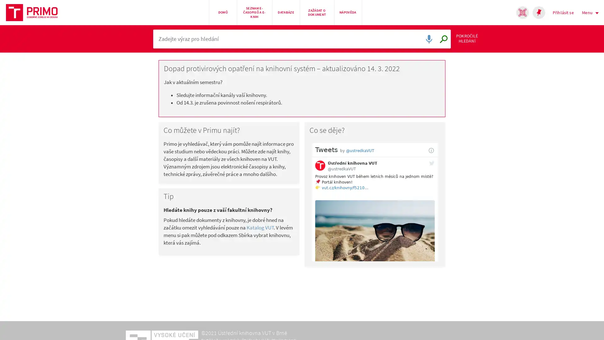  What do you see at coordinates (478, 41) in the screenshot?
I see `Prejit na pokrocile vyhledavani` at bounding box center [478, 41].